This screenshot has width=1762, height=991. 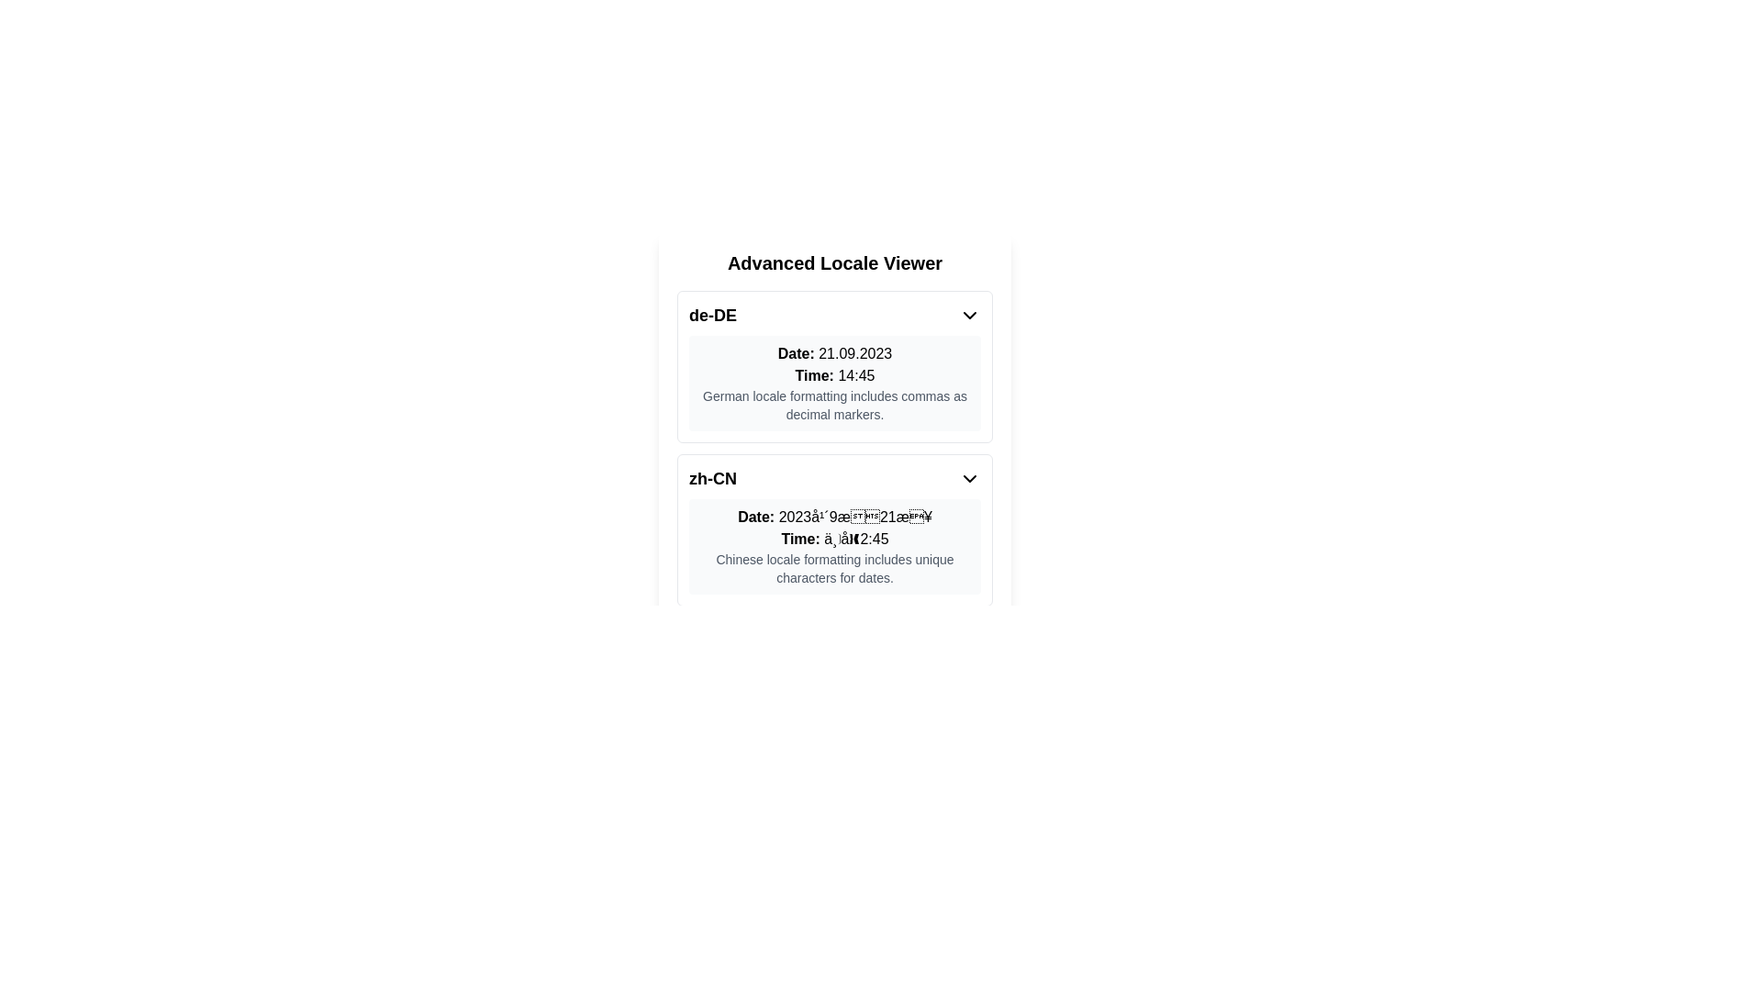 I want to click on the text label displaying 'Time:' which is styled in bold and located to the left of the time value '14:45', so click(x=813, y=374).